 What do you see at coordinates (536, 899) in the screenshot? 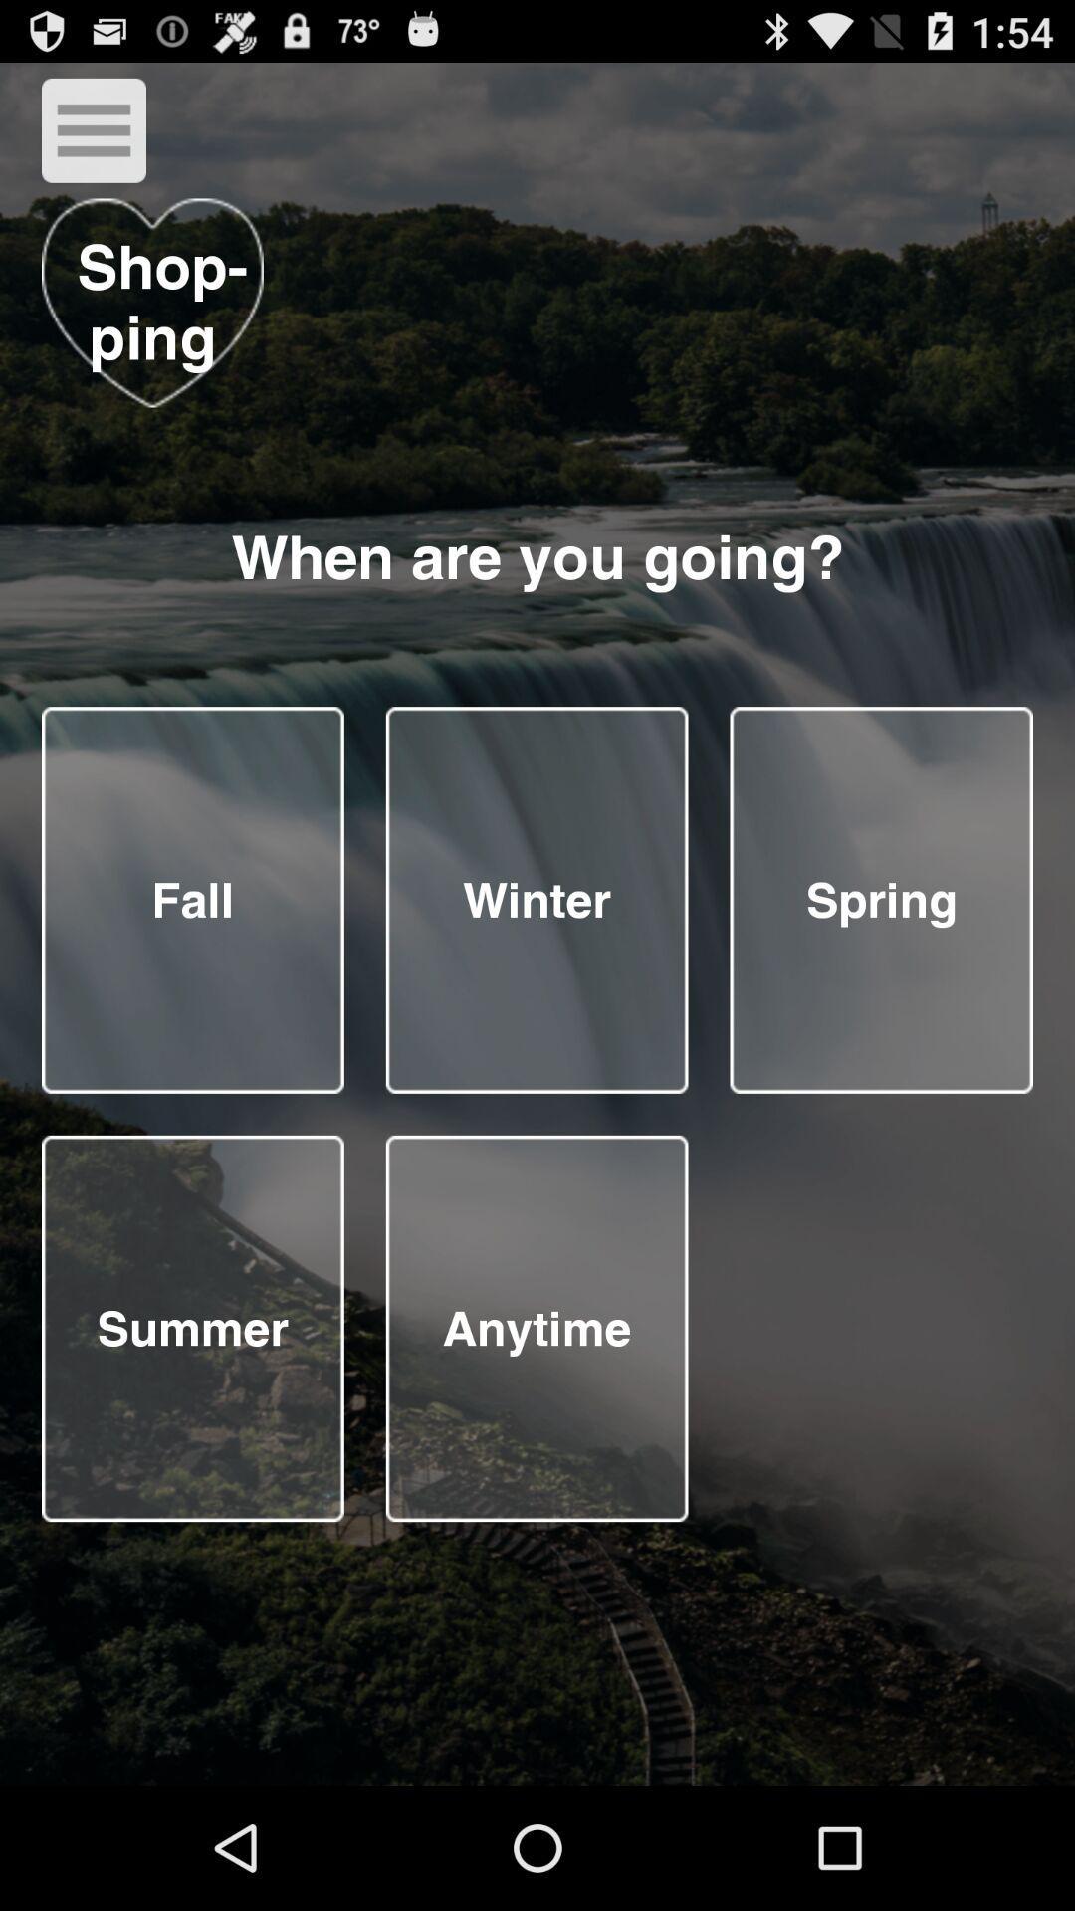
I see `choose the season you are going` at bounding box center [536, 899].